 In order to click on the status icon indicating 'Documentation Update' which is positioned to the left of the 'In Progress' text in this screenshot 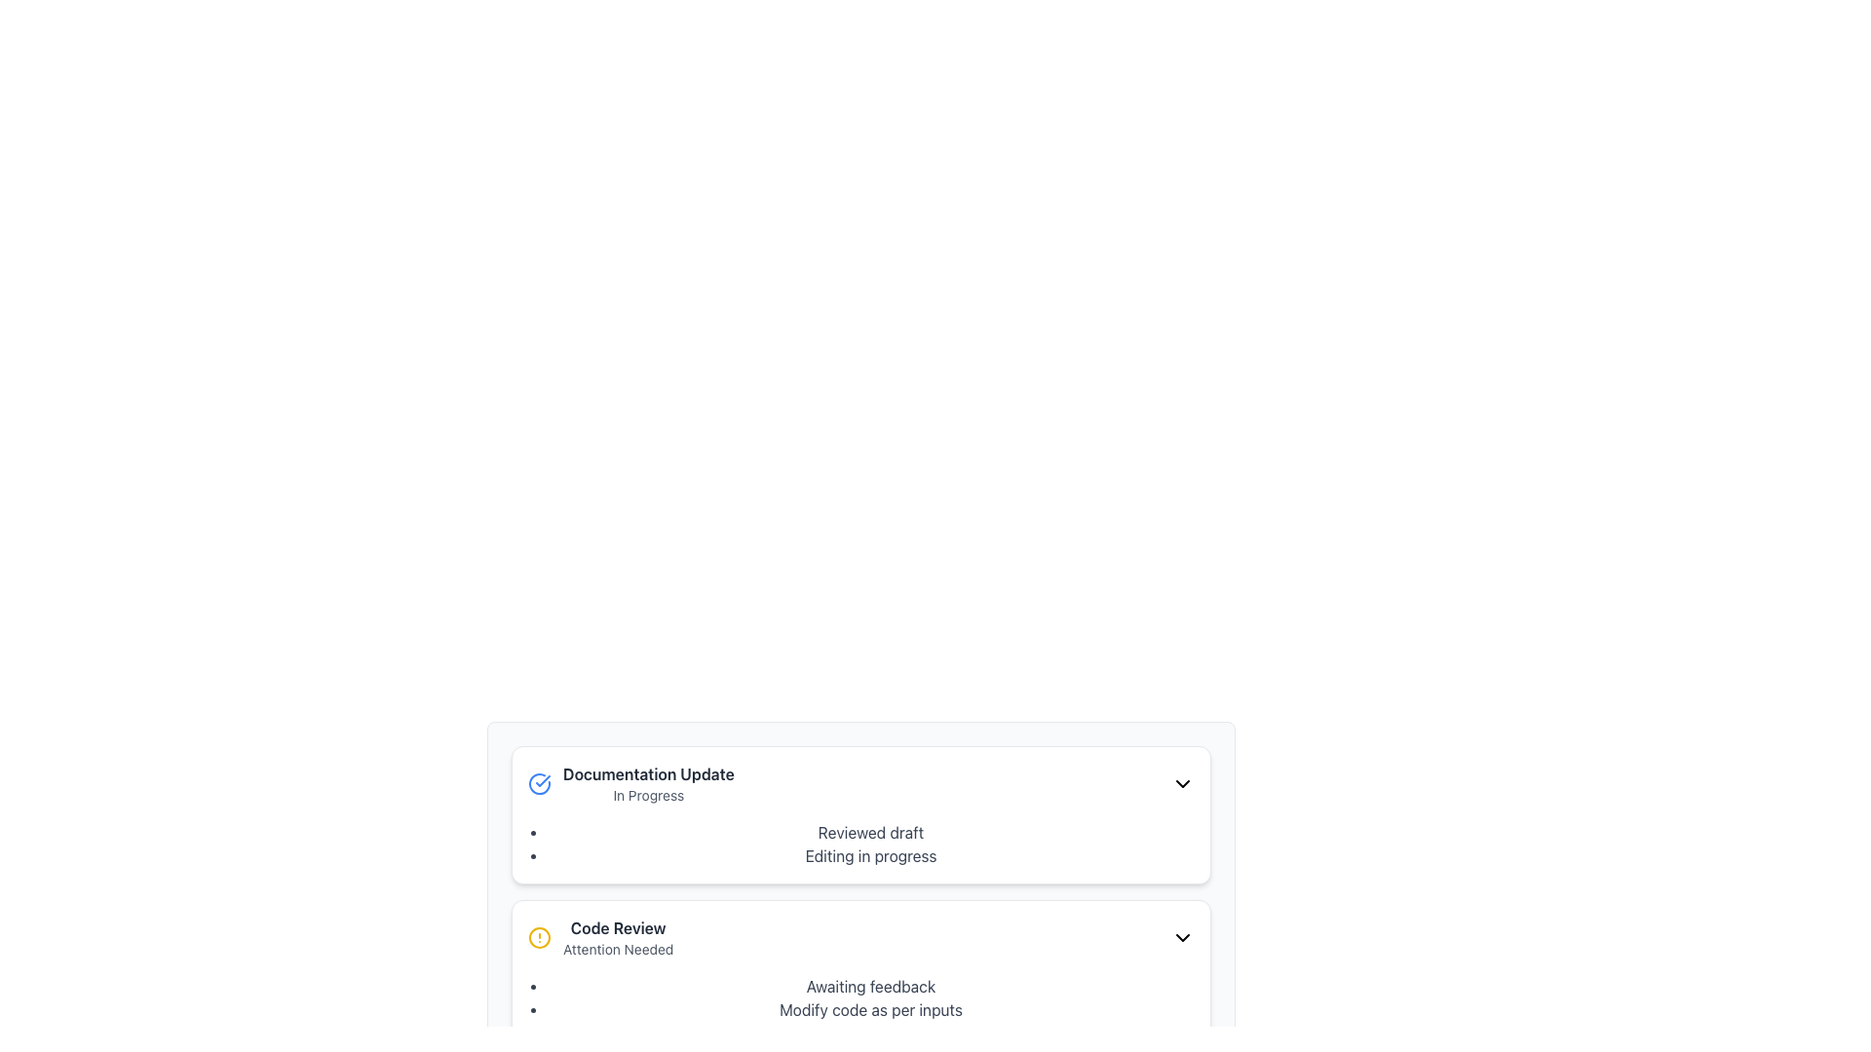, I will do `click(539, 783)`.